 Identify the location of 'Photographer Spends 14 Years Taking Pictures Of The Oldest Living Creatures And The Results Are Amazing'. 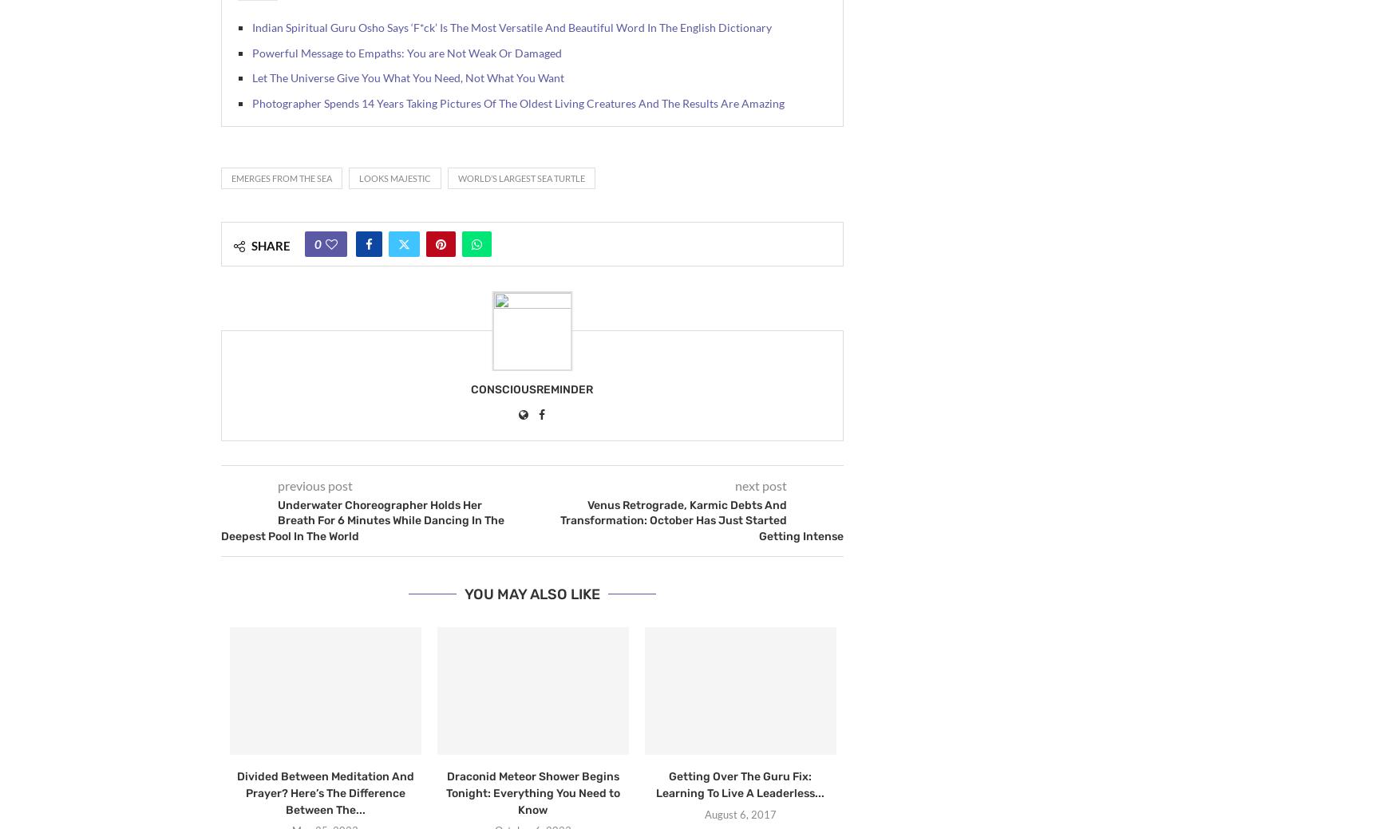
(517, 101).